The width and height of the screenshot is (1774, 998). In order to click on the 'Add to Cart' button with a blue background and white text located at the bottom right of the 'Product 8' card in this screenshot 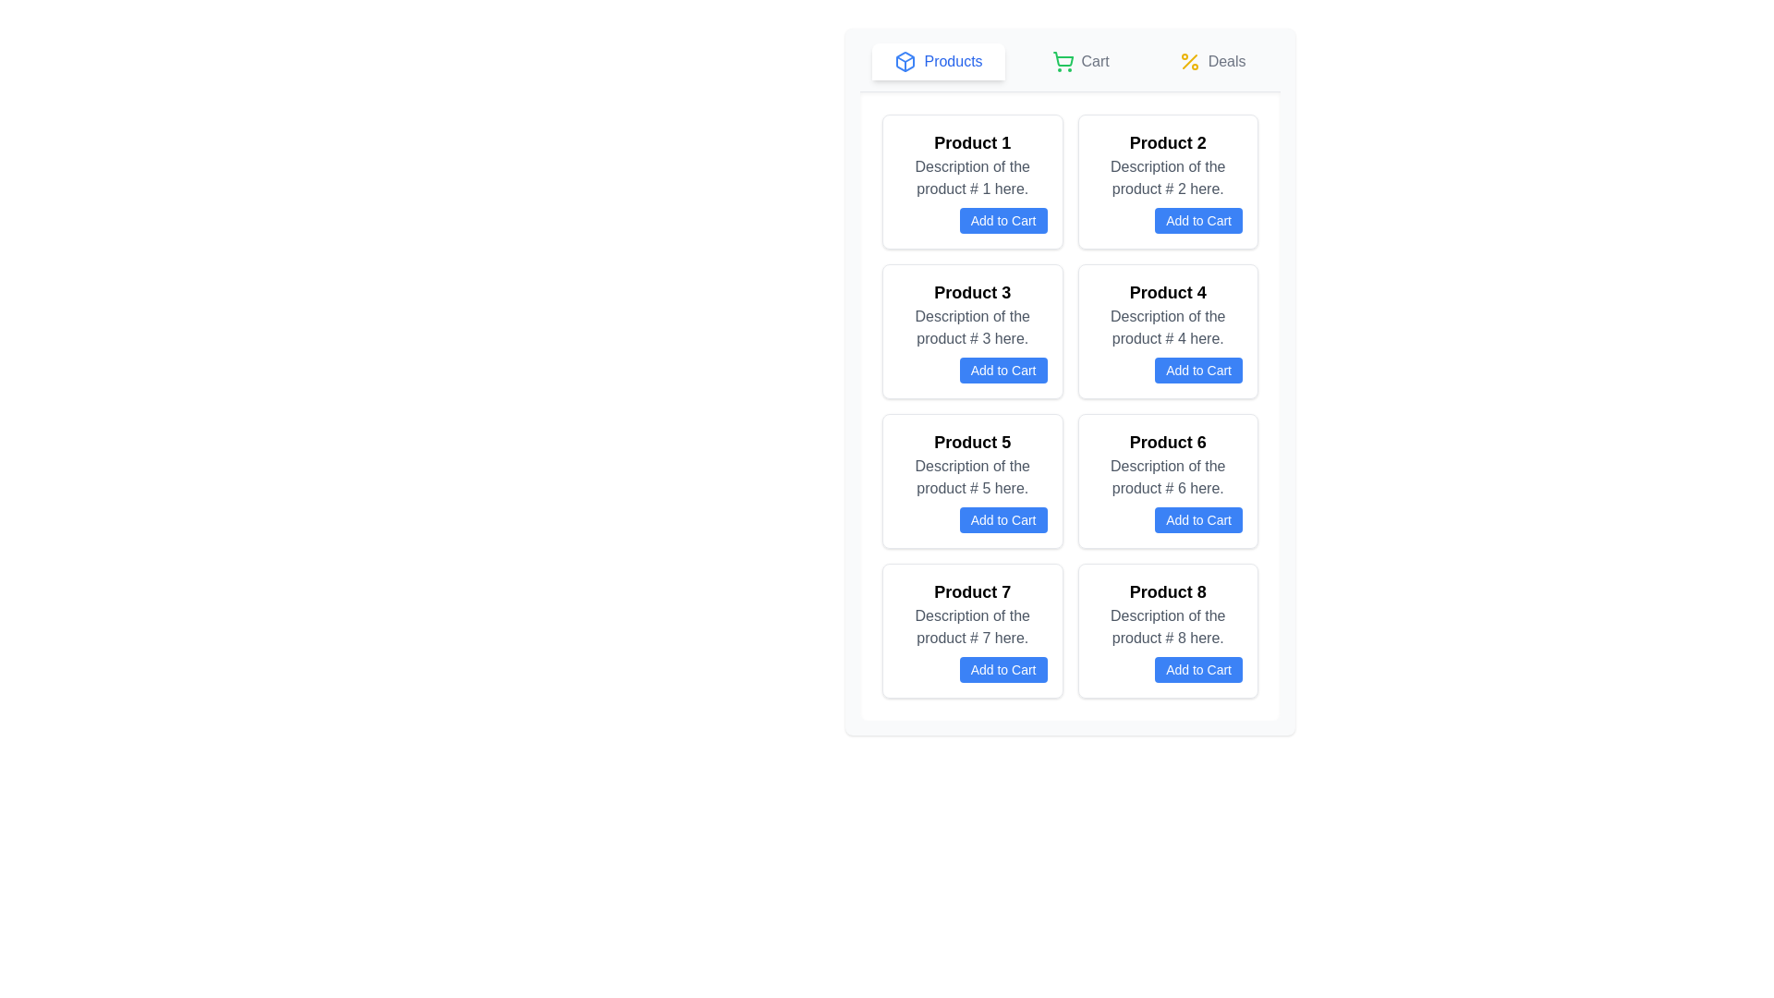, I will do `click(1198, 670)`.